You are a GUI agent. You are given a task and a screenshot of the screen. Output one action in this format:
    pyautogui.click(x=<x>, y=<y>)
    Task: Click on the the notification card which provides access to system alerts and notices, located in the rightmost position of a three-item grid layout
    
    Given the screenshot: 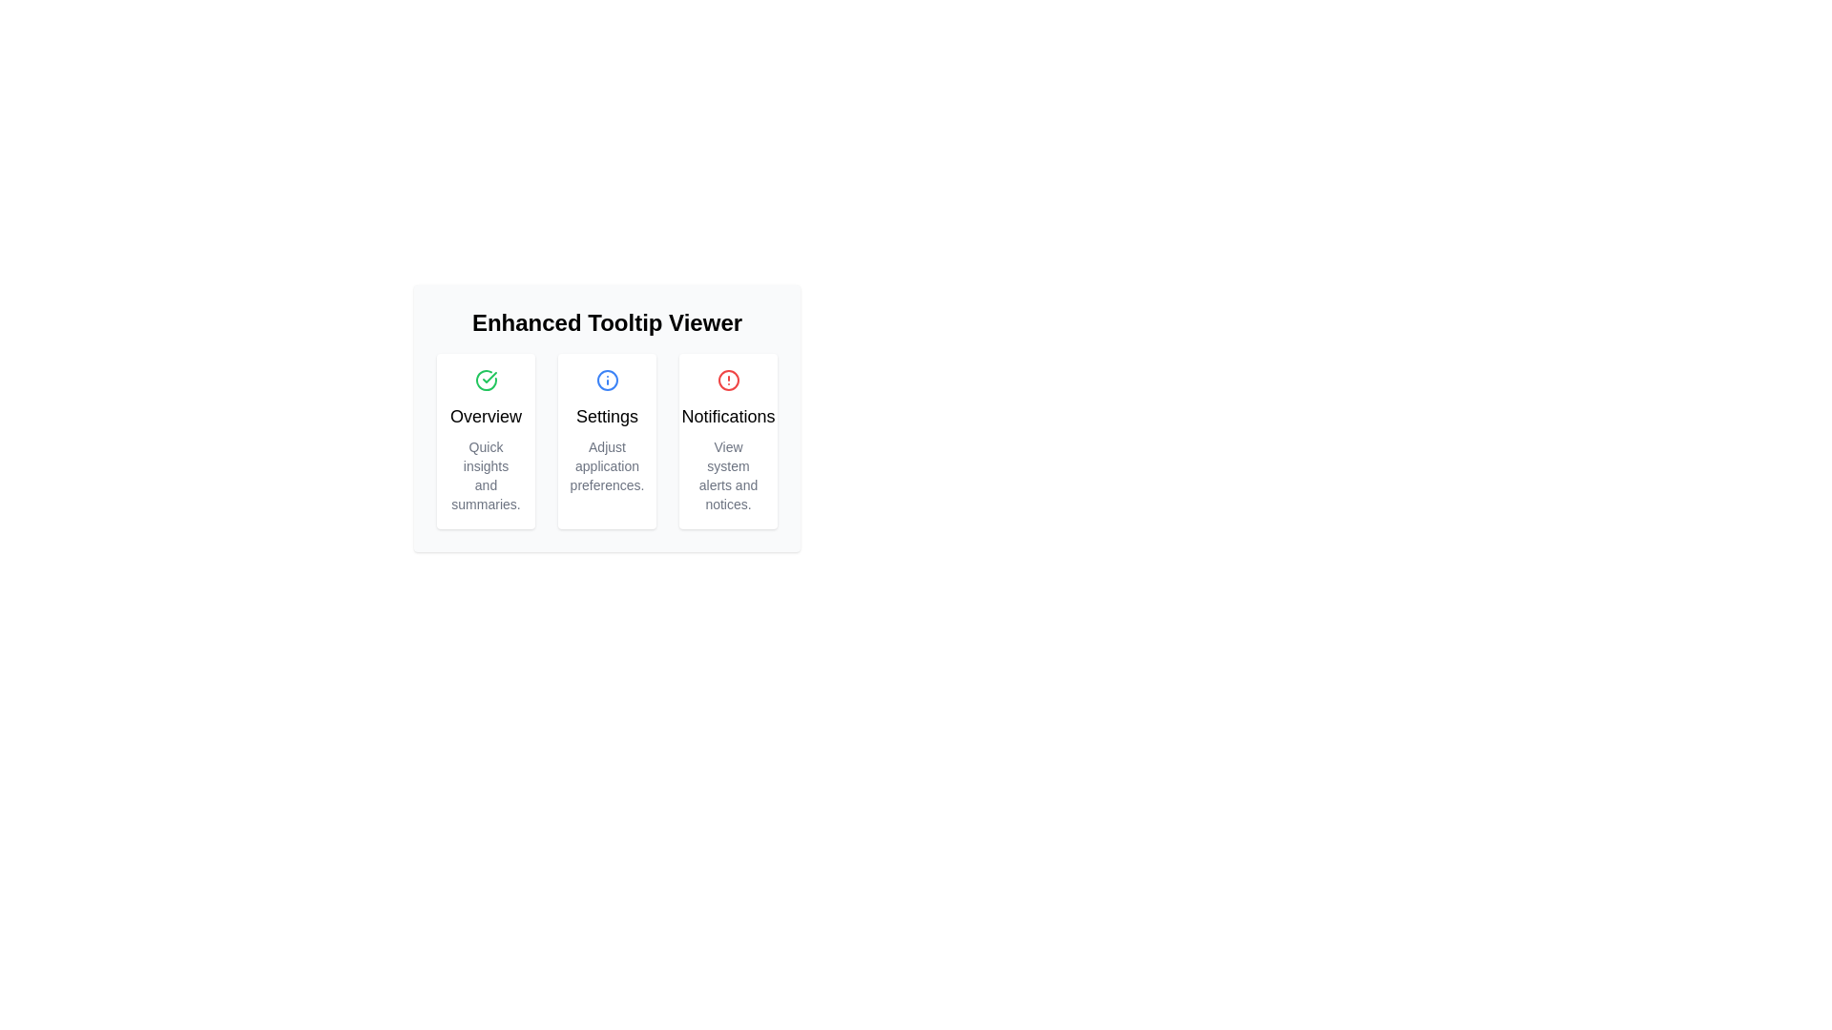 What is the action you would take?
    pyautogui.click(x=727, y=441)
    